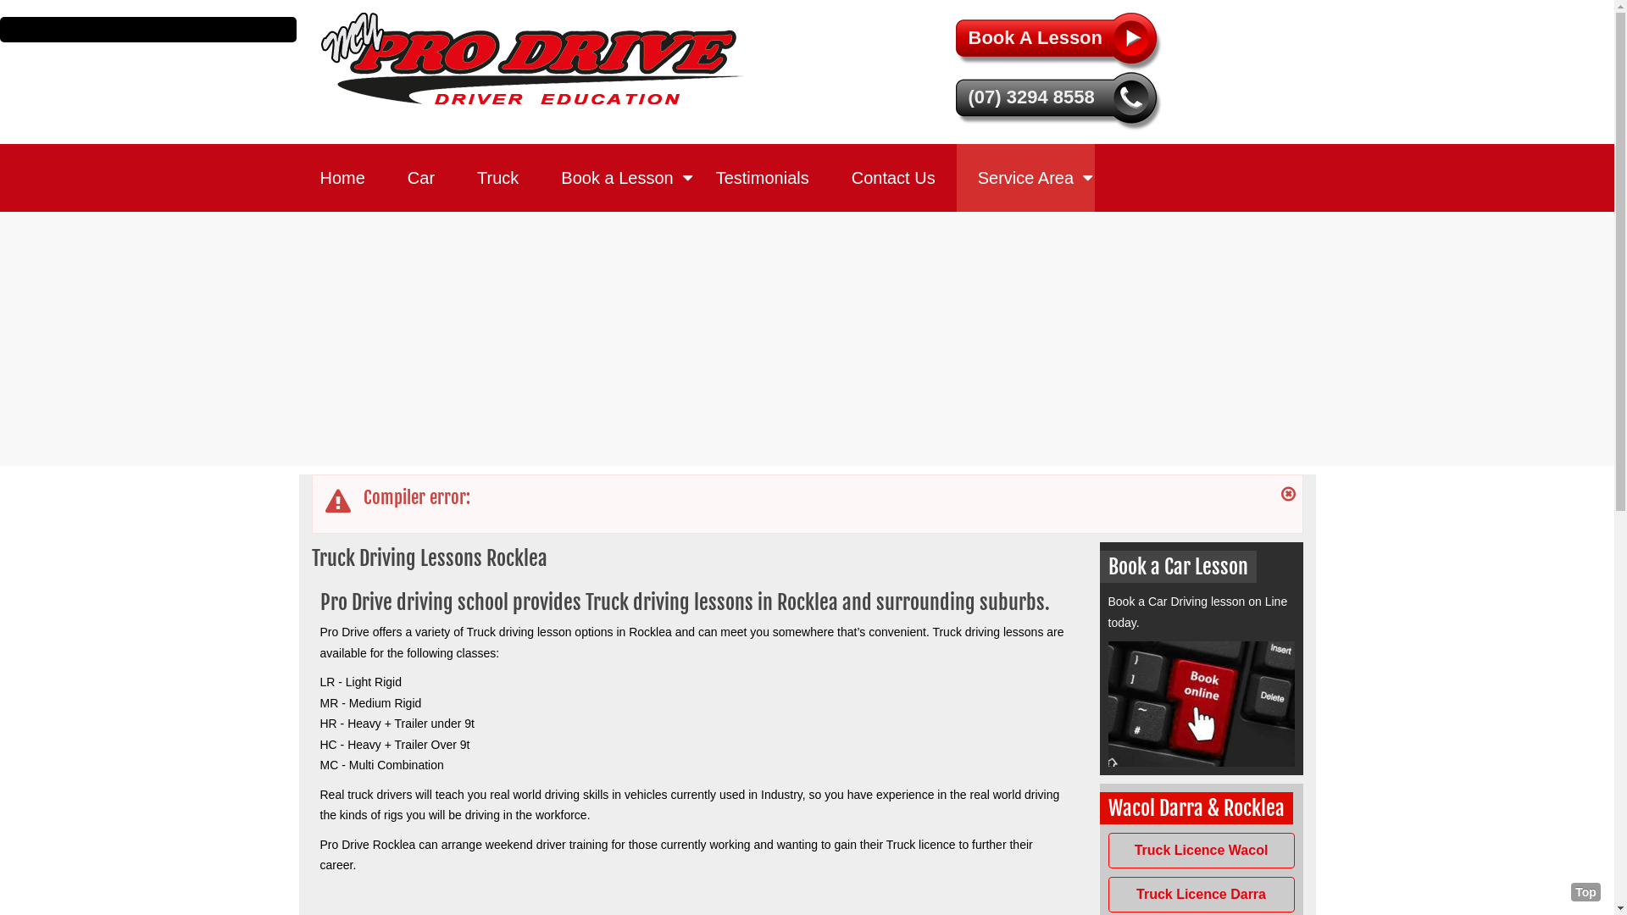 This screenshot has height=915, width=1627. What do you see at coordinates (421, 177) in the screenshot?
I see `'Car'` at bounding box center [421, 177].